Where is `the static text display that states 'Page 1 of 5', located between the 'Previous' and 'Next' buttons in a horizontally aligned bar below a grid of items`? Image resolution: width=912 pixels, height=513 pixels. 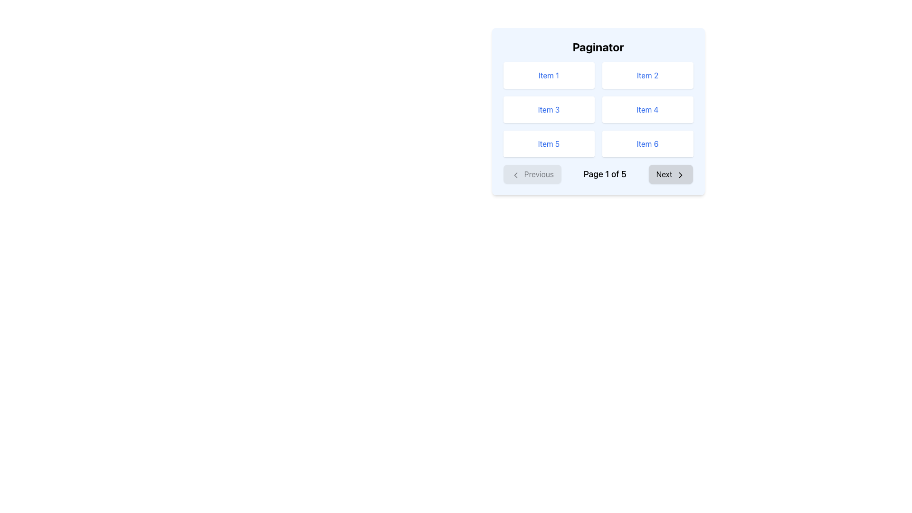 the static text display that states 'Page 1 of 5', located between the 'Previous' and 'Next' buttons in a horizontally aligned bar below a grid of items is located at coordinates (604, 174).